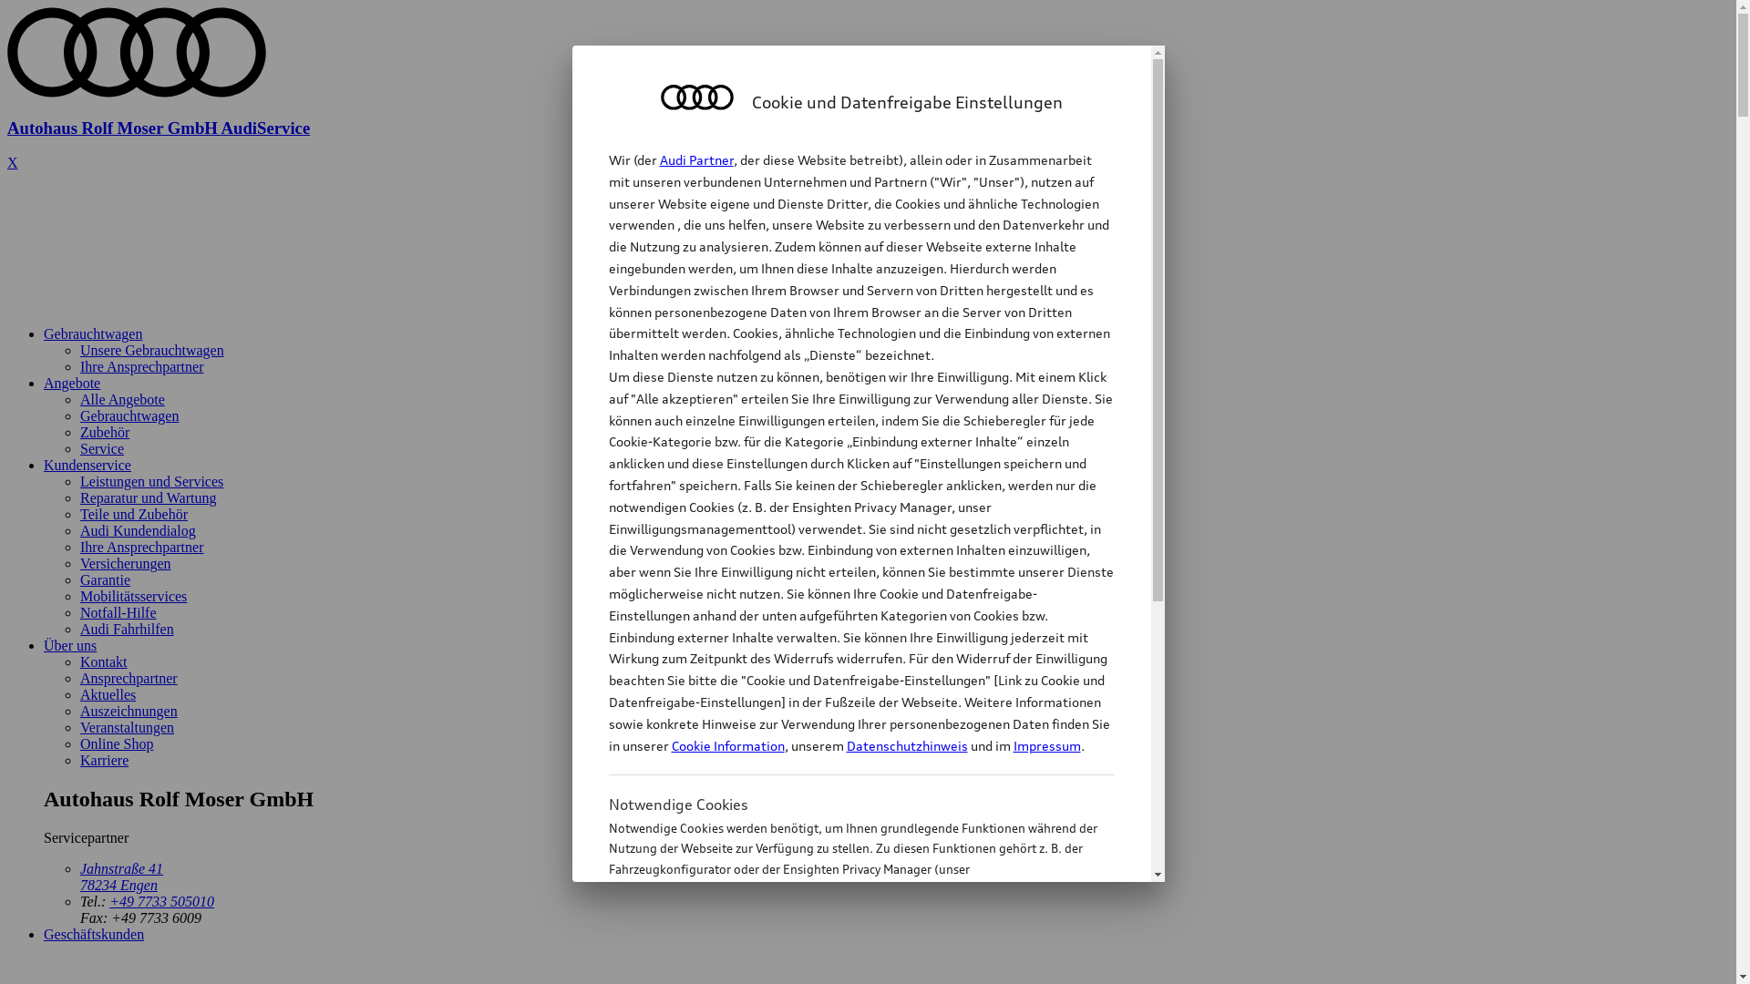  I want to click on 'Audi Partner', so click(695, 159).